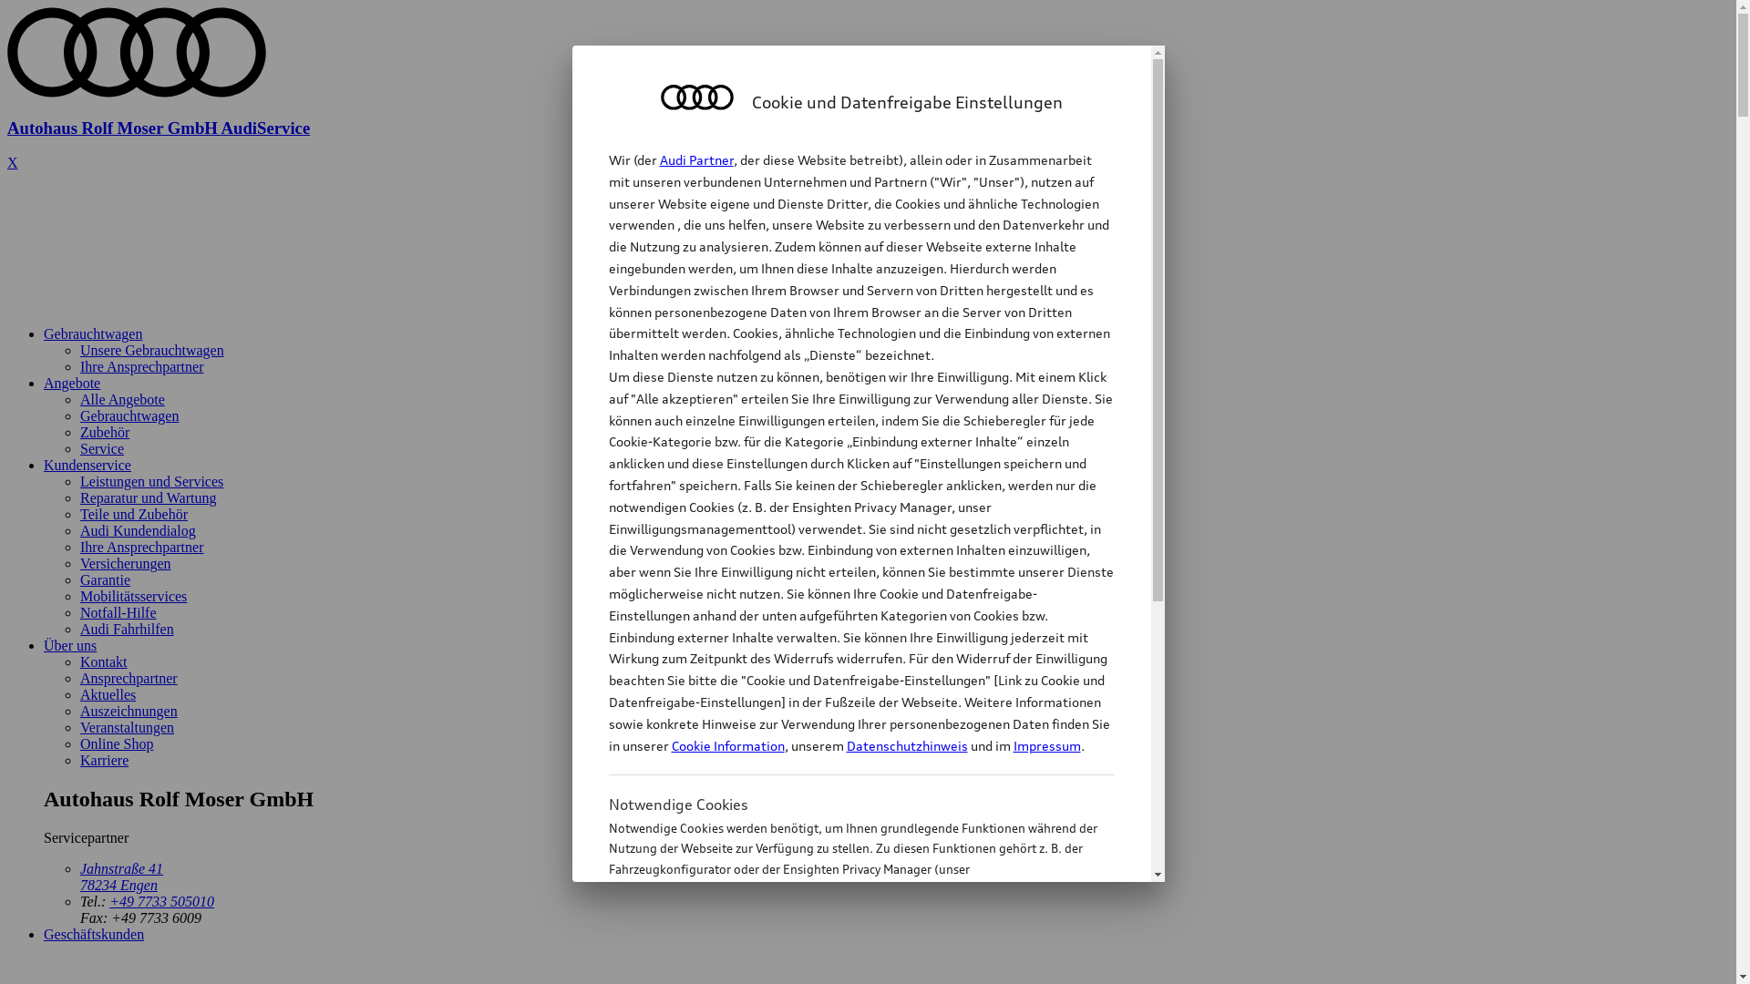  I want to click on 'Audi Partner', so click(695, 159).